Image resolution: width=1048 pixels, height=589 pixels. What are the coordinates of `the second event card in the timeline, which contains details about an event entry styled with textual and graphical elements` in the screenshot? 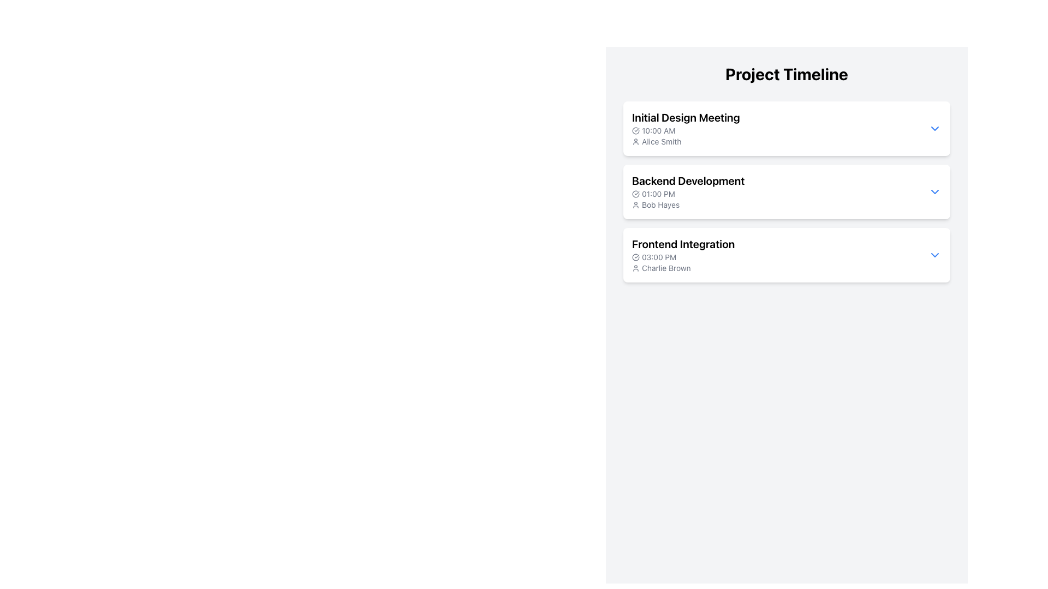 It's located at (787, 191).